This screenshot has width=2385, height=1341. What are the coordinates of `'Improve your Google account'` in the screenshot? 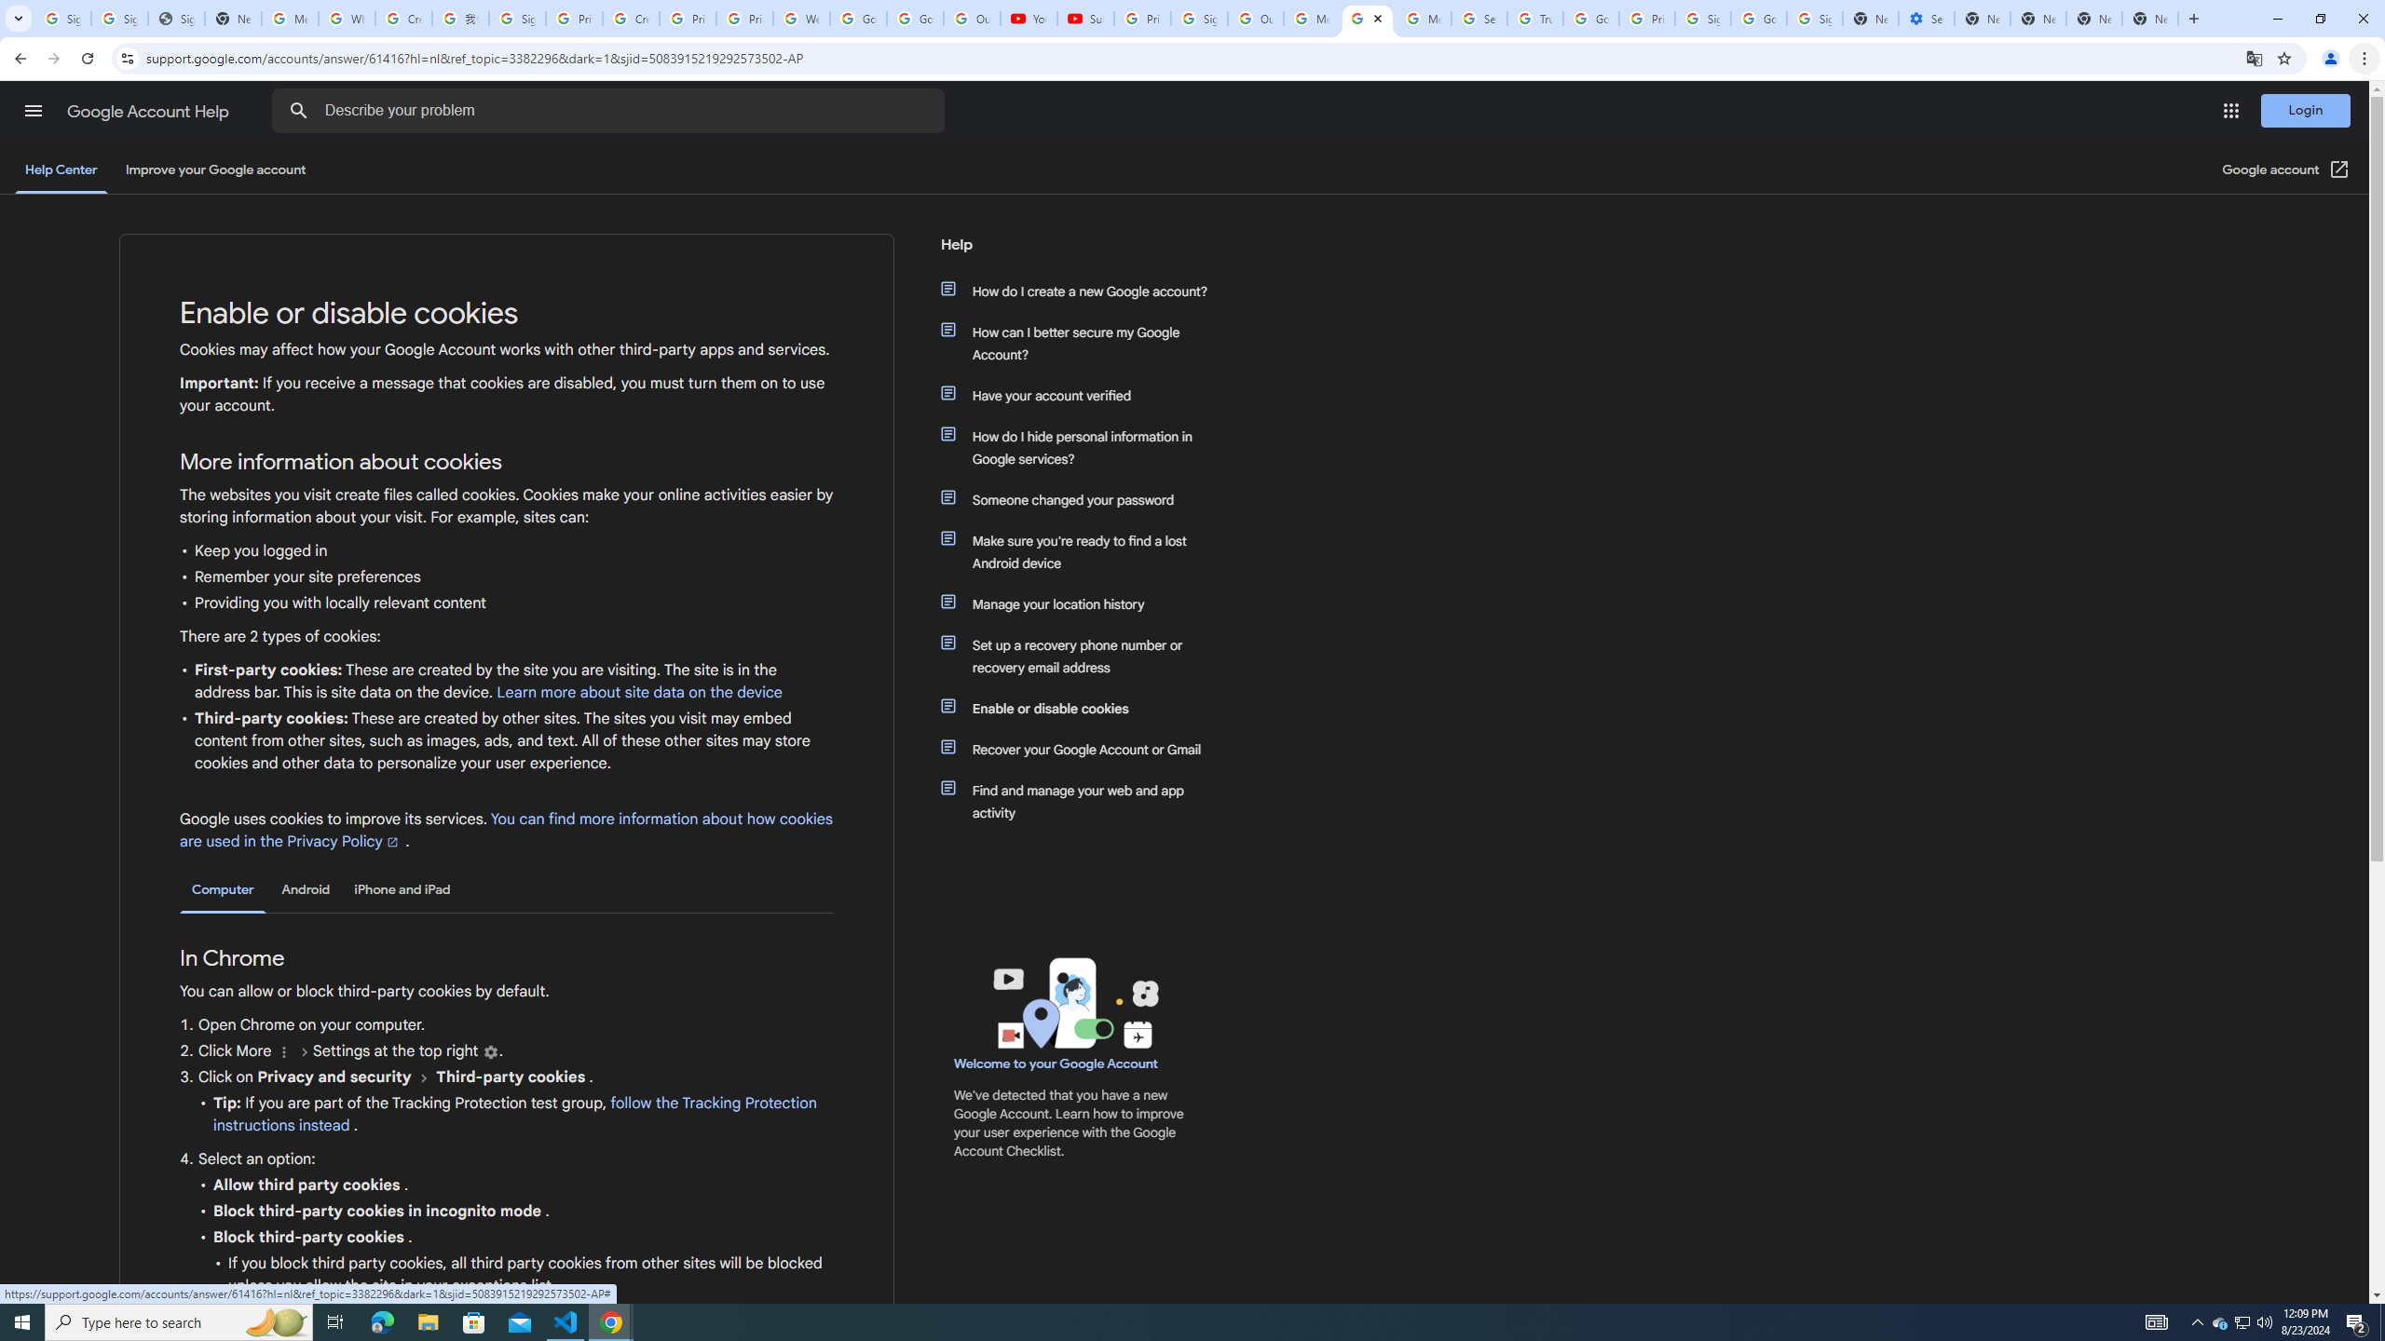 It's located at (215, 169).